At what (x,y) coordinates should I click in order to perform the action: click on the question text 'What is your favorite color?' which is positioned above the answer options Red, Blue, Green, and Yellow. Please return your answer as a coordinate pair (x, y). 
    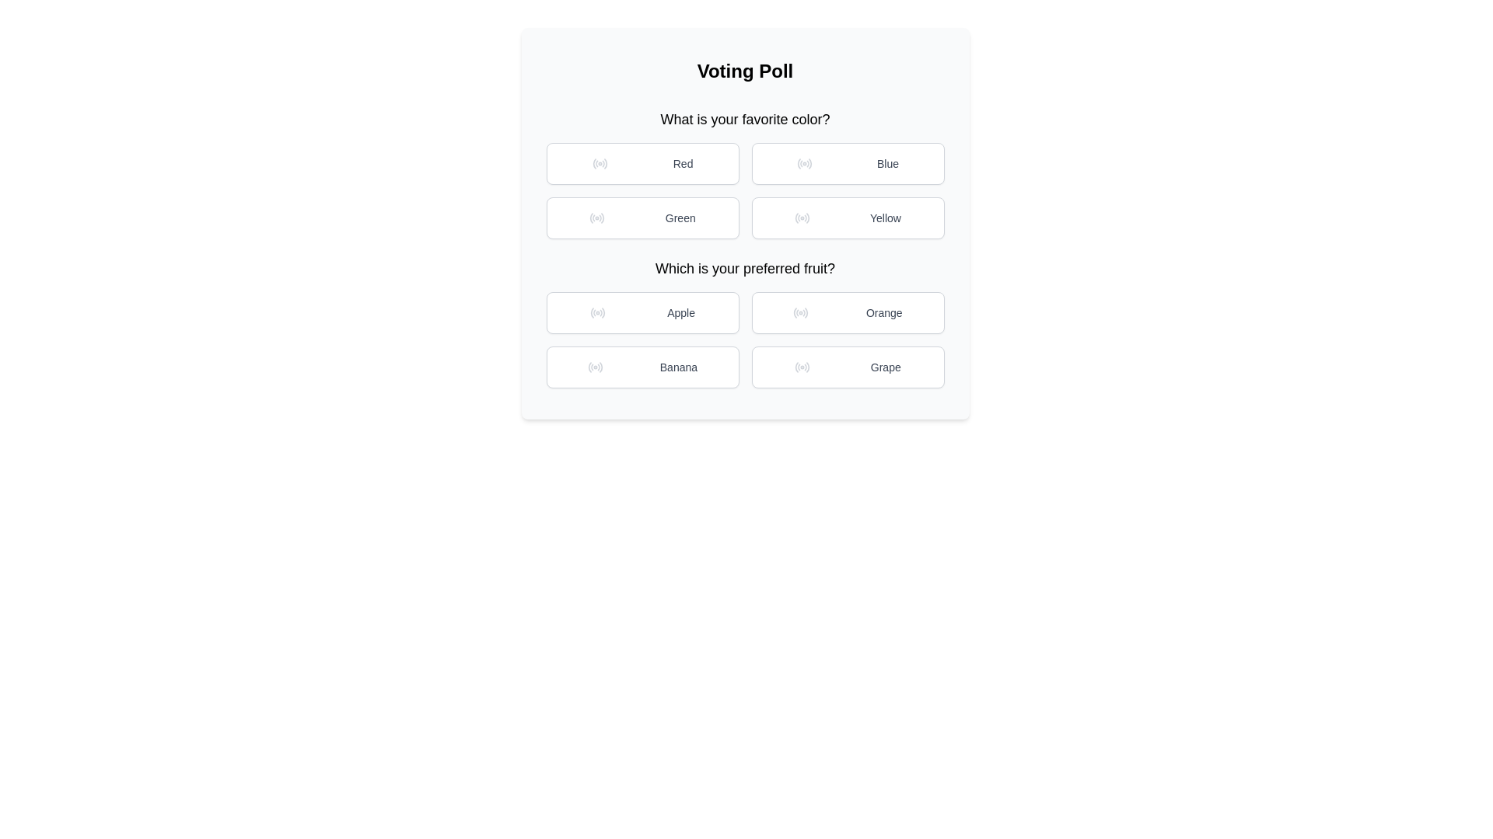
    Looking at the image, I should click on (744, 173).